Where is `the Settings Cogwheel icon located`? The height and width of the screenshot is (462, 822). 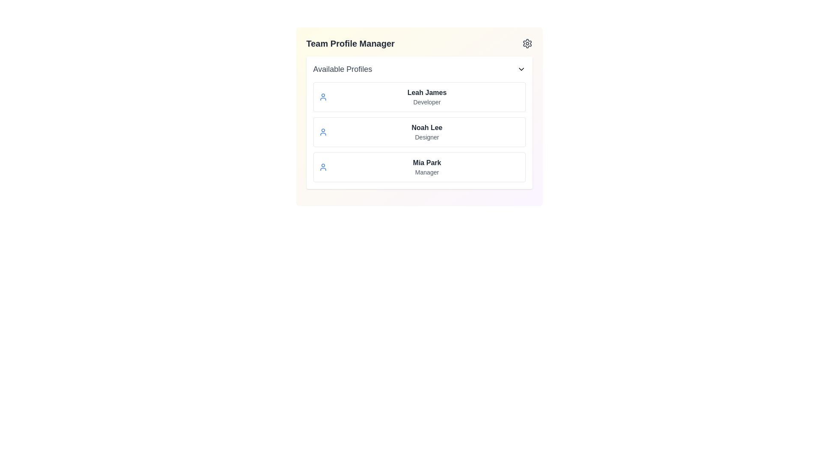 the Settings Cogwheel icon located is located at coordinates (527, 43).